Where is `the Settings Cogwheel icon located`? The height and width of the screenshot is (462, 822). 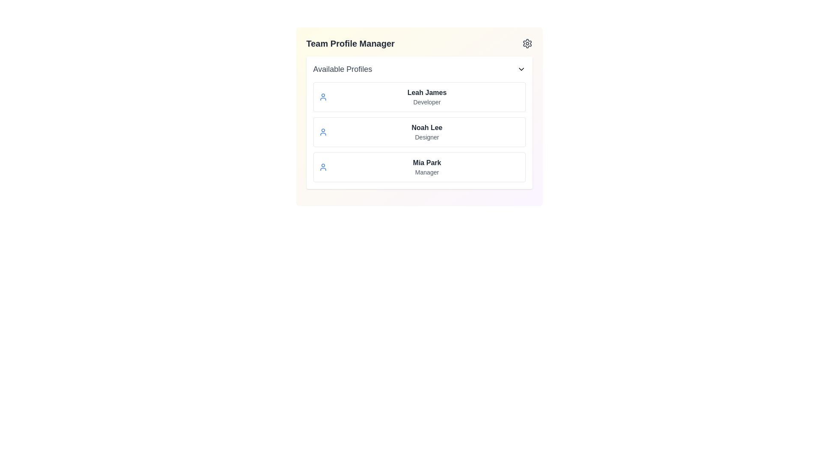 the Settings Cogwheel icon located is located at coordinates (527, 43).